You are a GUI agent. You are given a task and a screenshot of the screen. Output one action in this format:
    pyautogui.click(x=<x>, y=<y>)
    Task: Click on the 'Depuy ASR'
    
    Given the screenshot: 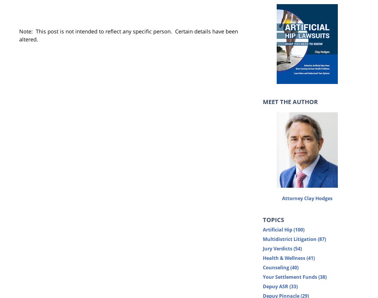 What is the action you would take?
    pyautogui.click(x=276, y=286)
    